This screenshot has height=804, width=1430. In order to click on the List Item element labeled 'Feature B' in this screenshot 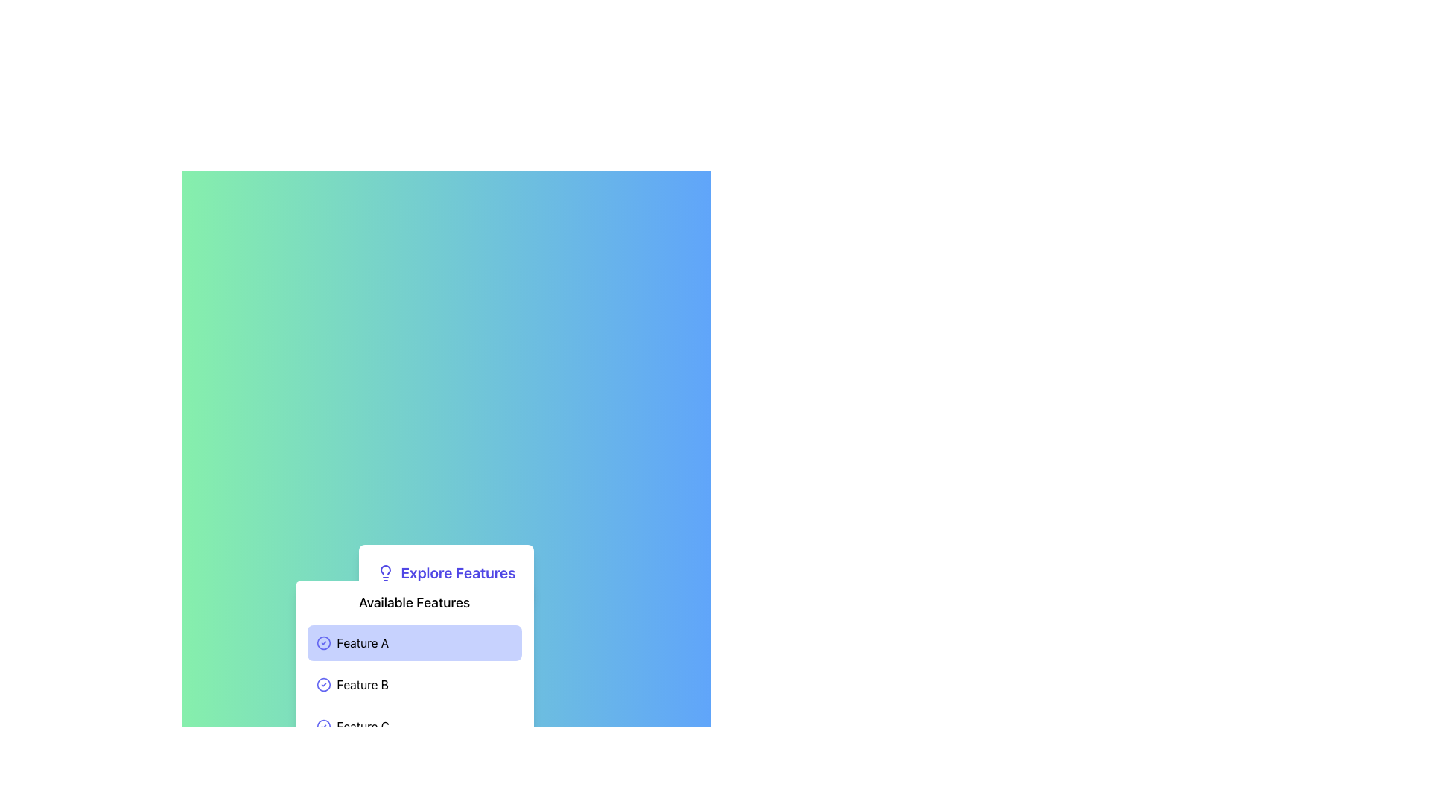, I will do `click(414, 685)`.